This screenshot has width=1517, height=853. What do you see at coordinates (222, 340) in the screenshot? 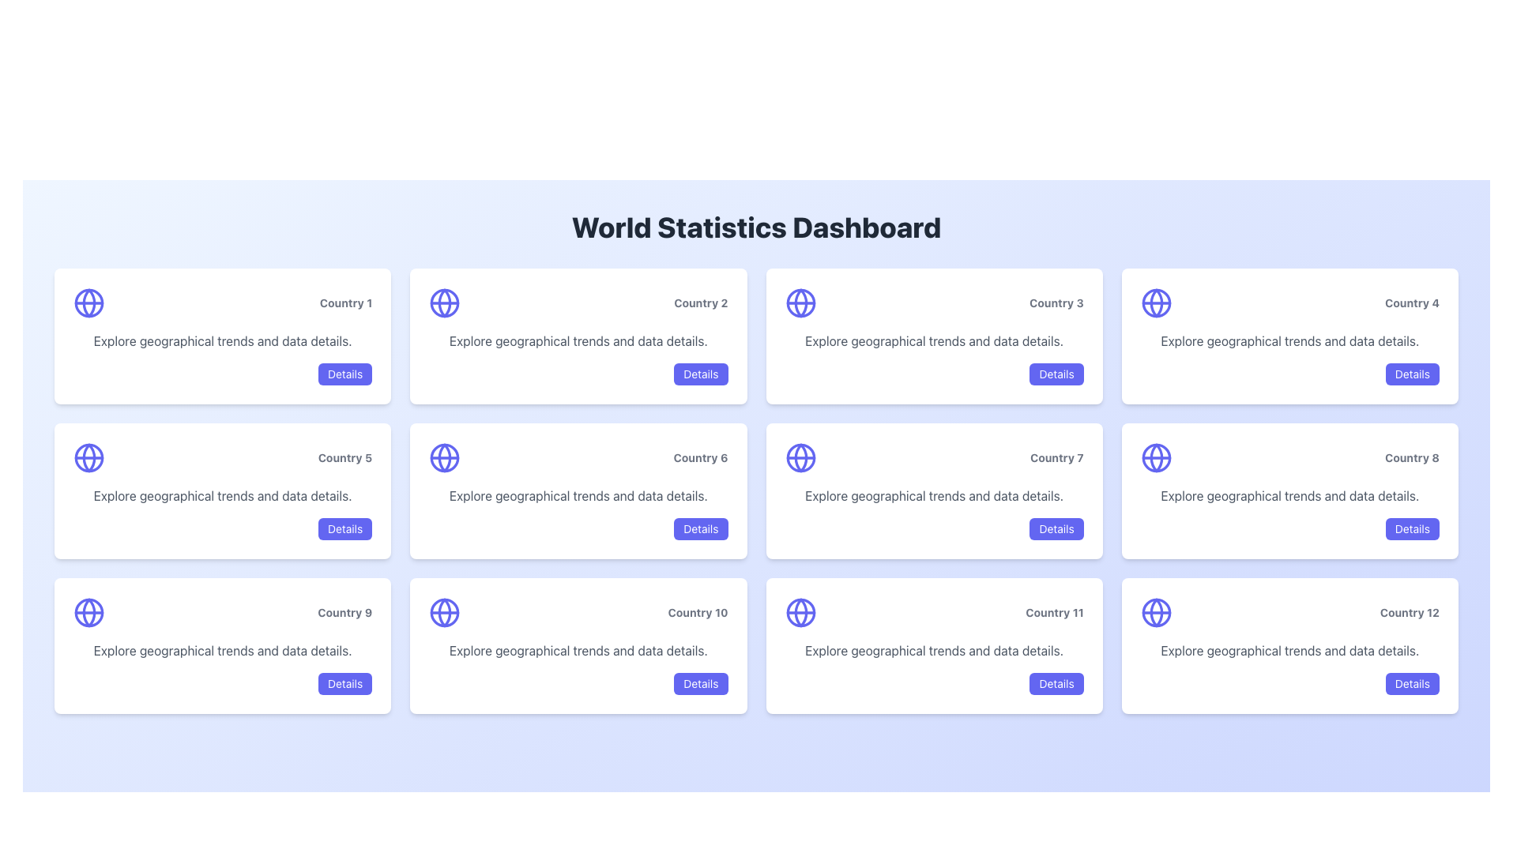
I see `the text label component that displays 'Explore geographical trends and data details.' It is centrally aligned within a white card titled 'Country 1' in the top-left of a grid layout` at bounding box center [222, 340].